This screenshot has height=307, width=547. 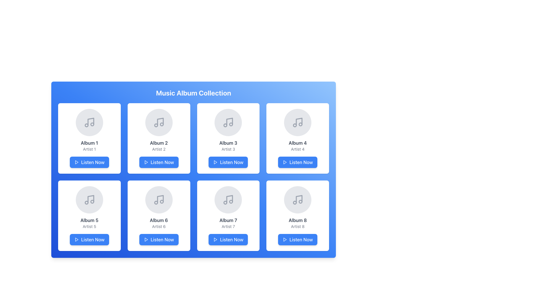 What do you see at coordinates (297, 149) in the screenshot?
I see `the text label displaying 'Artist 4', which is located below 'Album 4' in the fourth card of the music album grid` at bounding box center [297, 149].